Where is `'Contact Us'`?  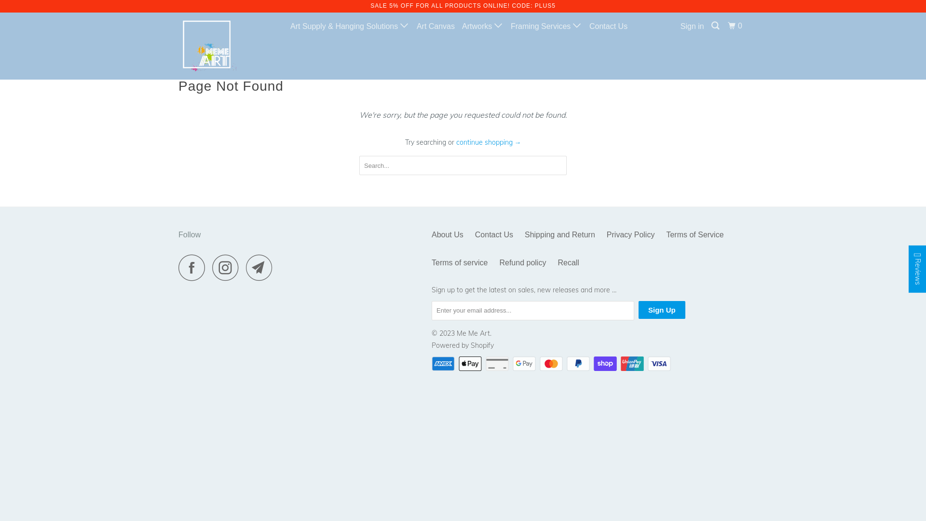
'Contact Us' is located at coordinates (494, 234).